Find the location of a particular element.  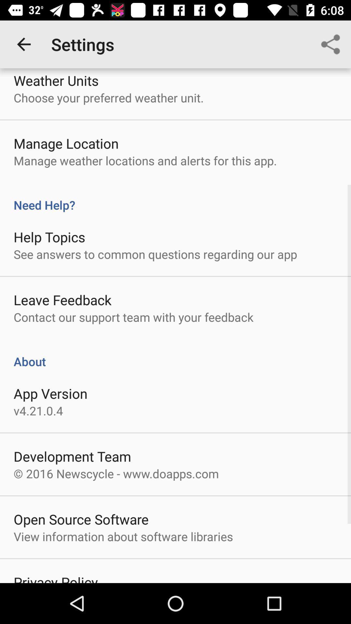

the contact our support is located at coordinates (133, 317).